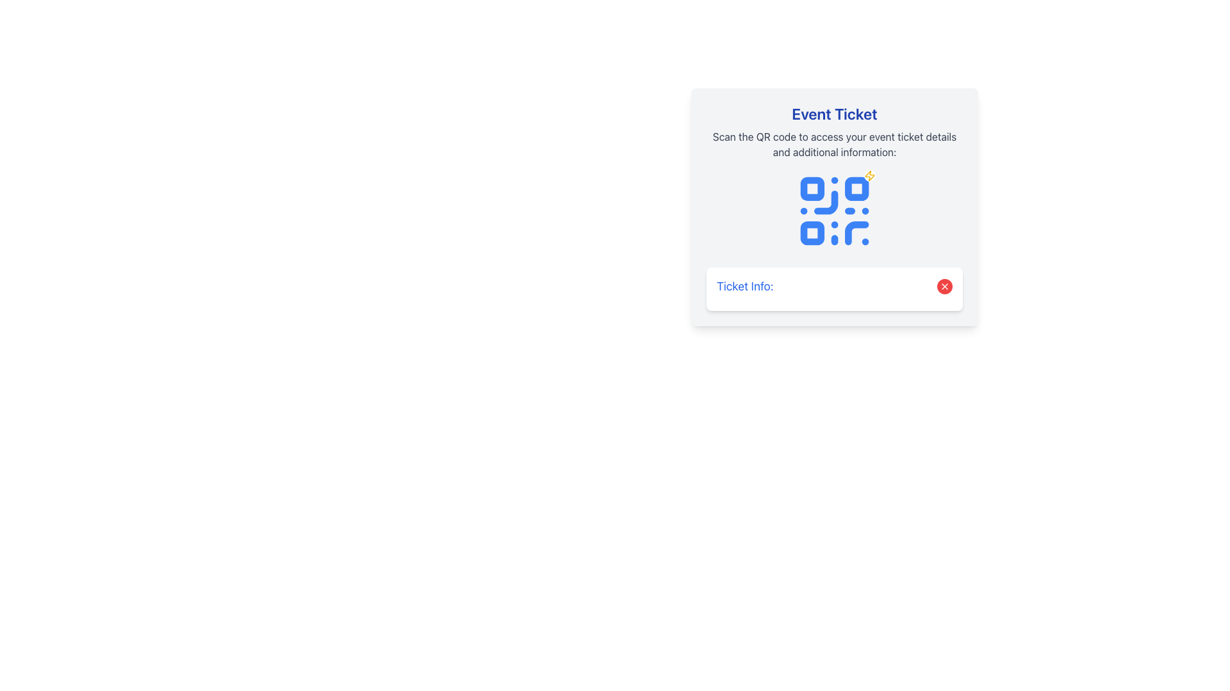  Describe the element at coordinates (944, 285) in the screenshot. I see `the dismiss or close button located to the far-right of the 'Ticket Info:' text` at that location.